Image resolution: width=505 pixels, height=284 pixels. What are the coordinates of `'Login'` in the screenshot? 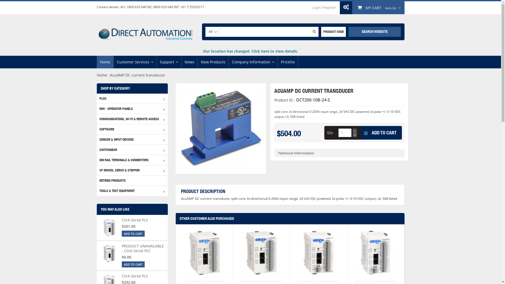 It's located at (316, 7).